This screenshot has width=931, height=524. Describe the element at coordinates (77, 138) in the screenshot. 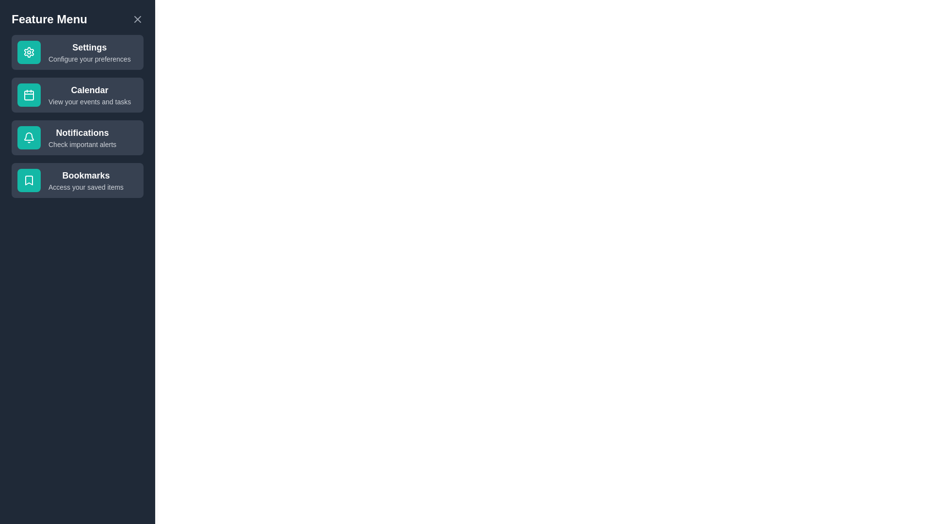

I see `the feature Notifications to view its hover effect` at that location.